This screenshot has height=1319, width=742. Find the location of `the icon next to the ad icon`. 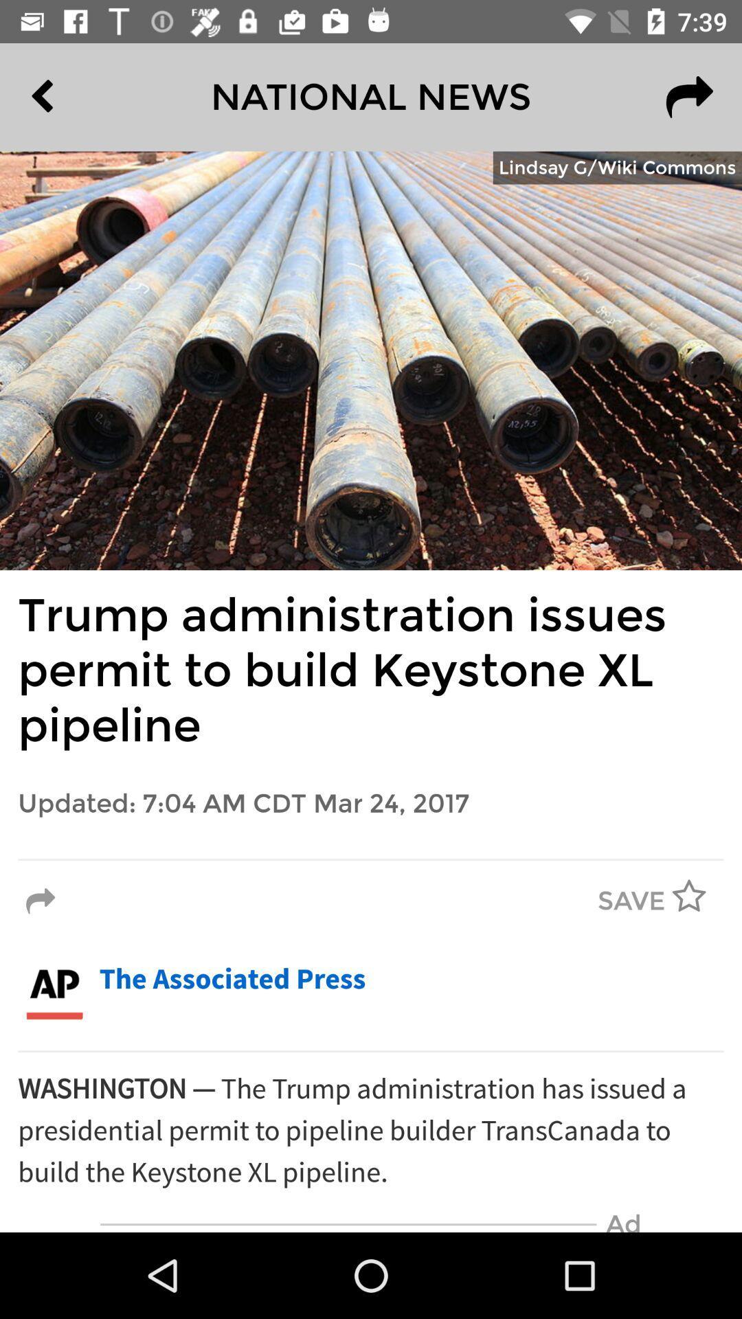

the icon next to the ad icon is located at coordinates (348, 1224).